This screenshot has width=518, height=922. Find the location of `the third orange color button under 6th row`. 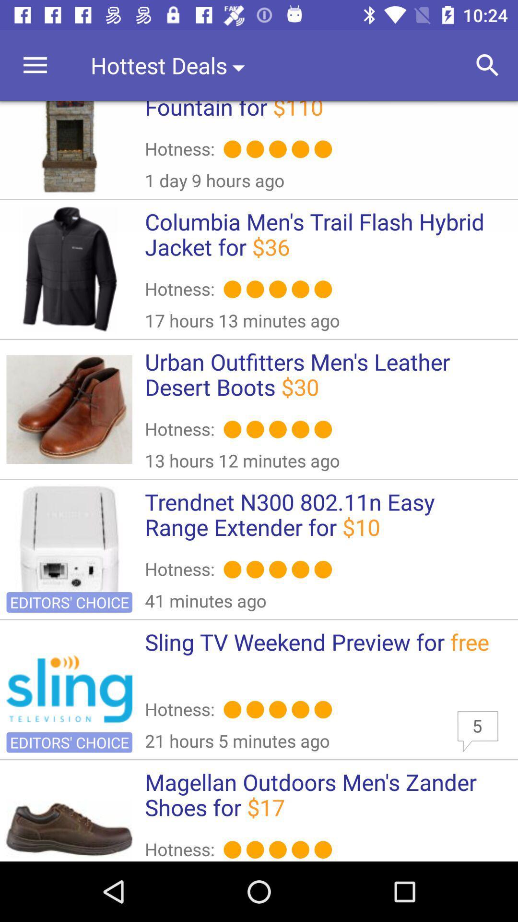

the third orange color button under 6th row is located at coordinates (278, 849).